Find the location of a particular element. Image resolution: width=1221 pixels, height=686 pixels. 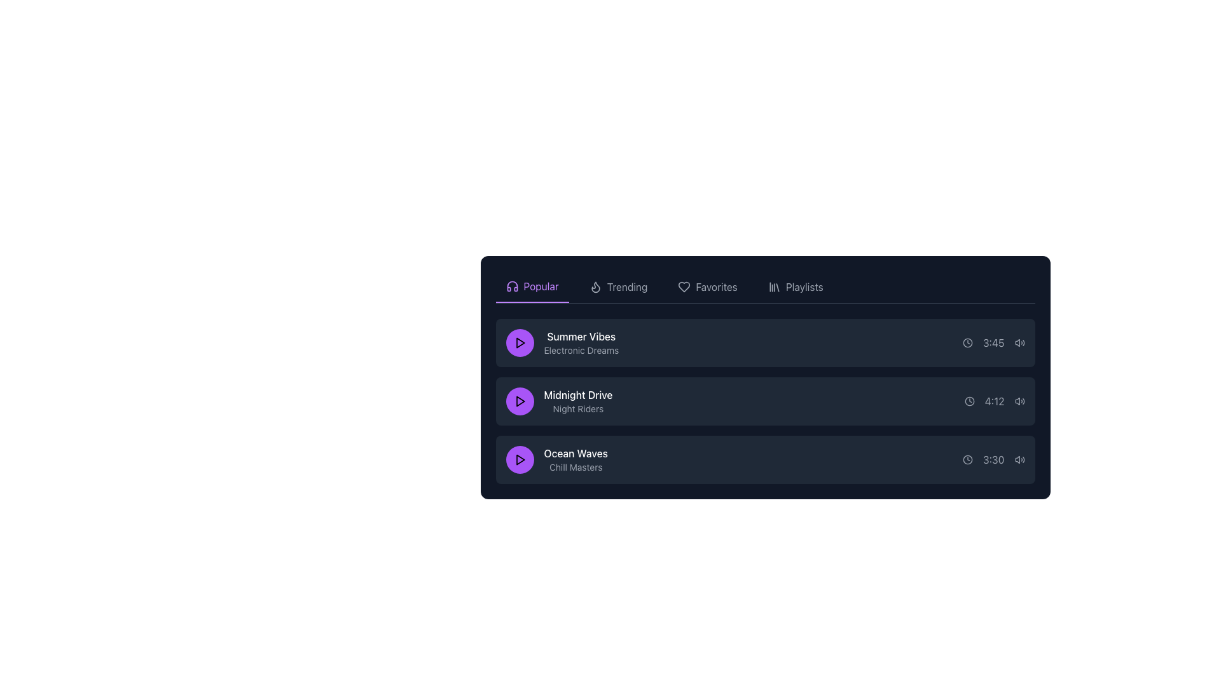

the play button located in the circular purple background beside the text 'Ocean Waves' is located at coordinates (520, 460).